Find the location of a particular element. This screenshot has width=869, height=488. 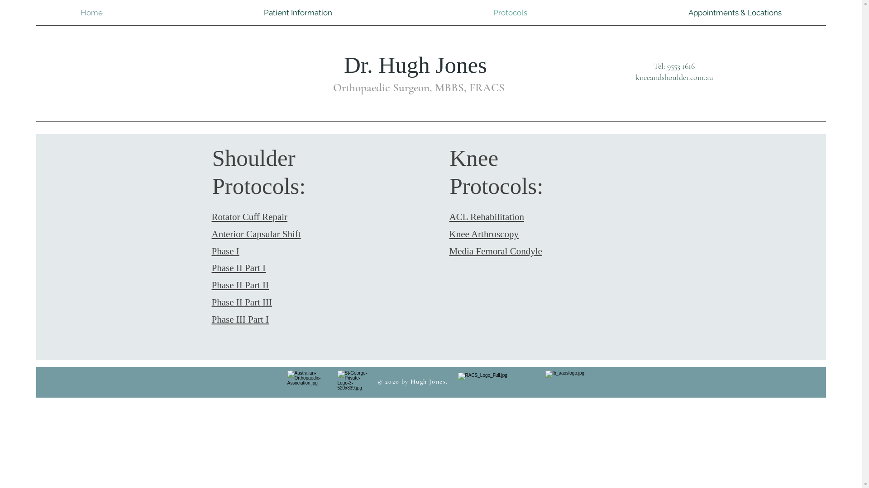

'Rotator Cuff Repair' is located at coordinates (250, 216).